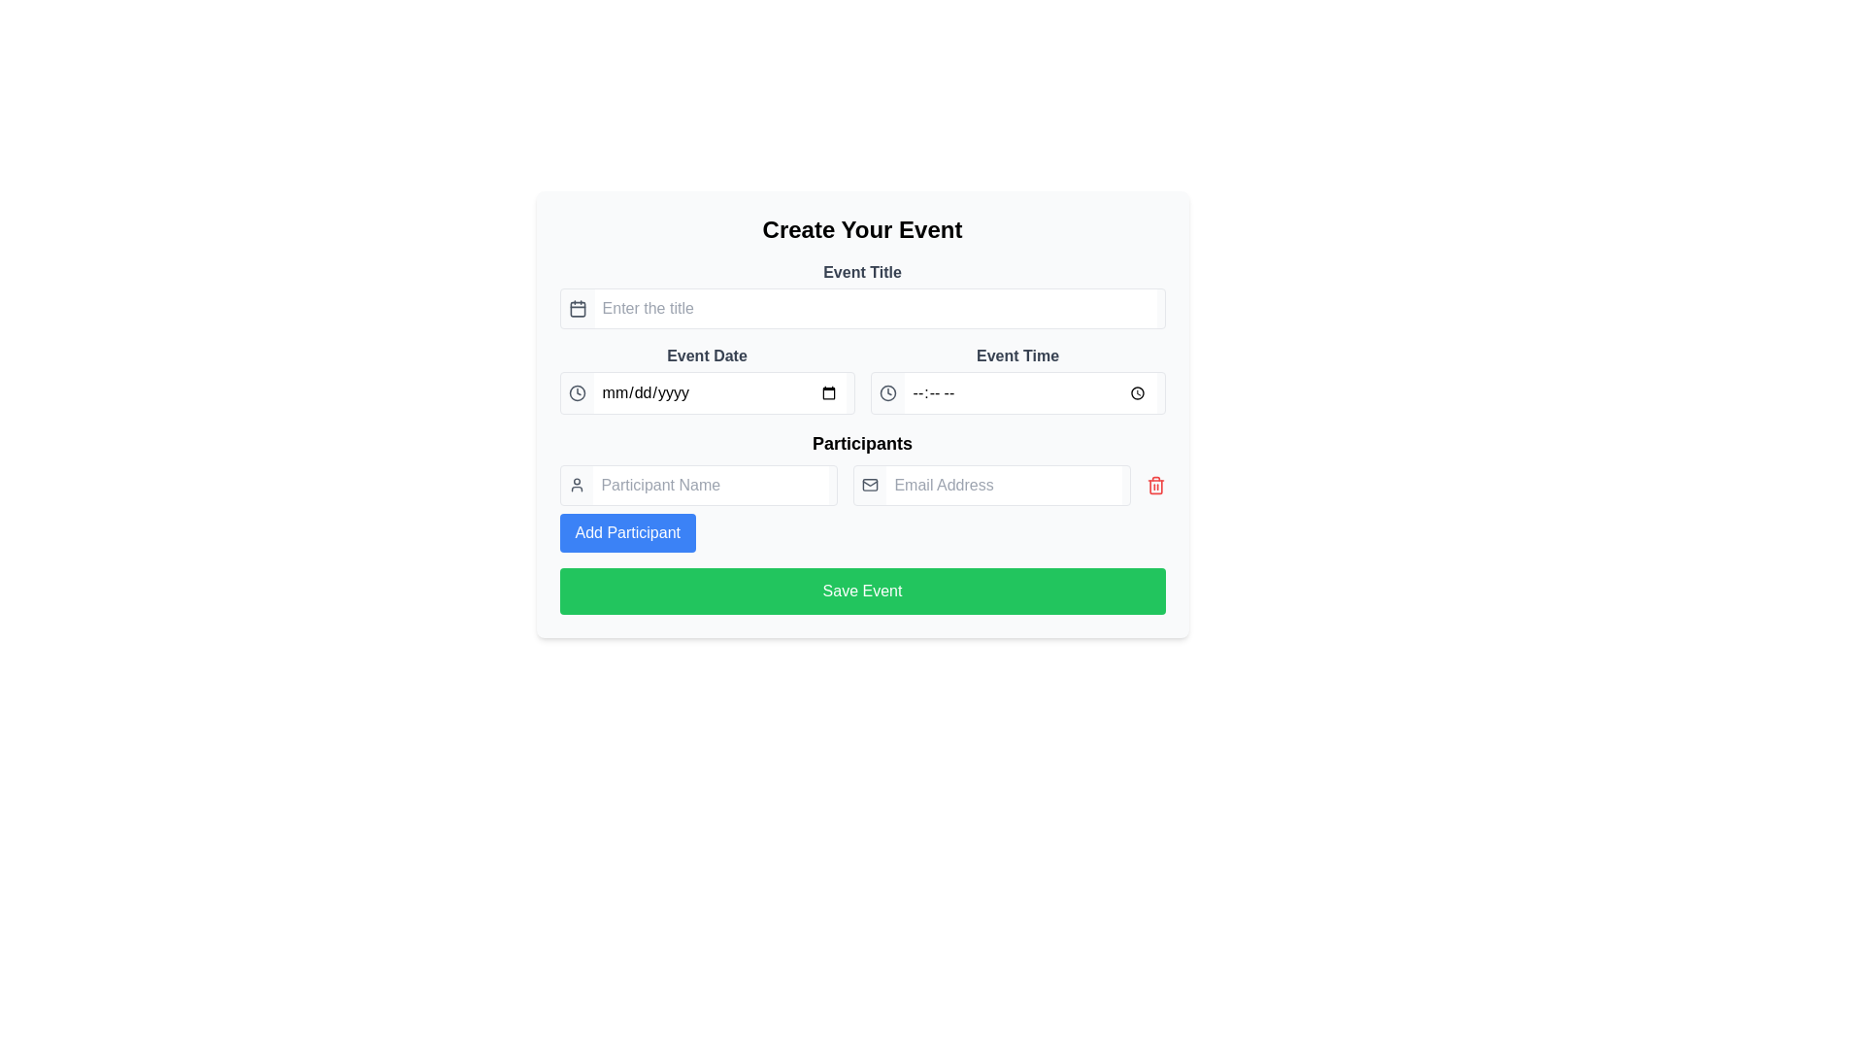  I want to click on the button located directly below the 'Participants' section of the form, so click(861, 591).